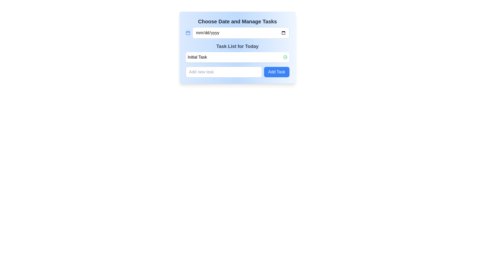 Image resolution: width=498 pixels, height=280 pixels. What do you see at coordinates (237, 21) in the screenshot?
I see `the Text (Header) element that serves as a descriptive header for the interface, positioned at the top center of the panel above the date selection input field` at bounding box center [237, 21].